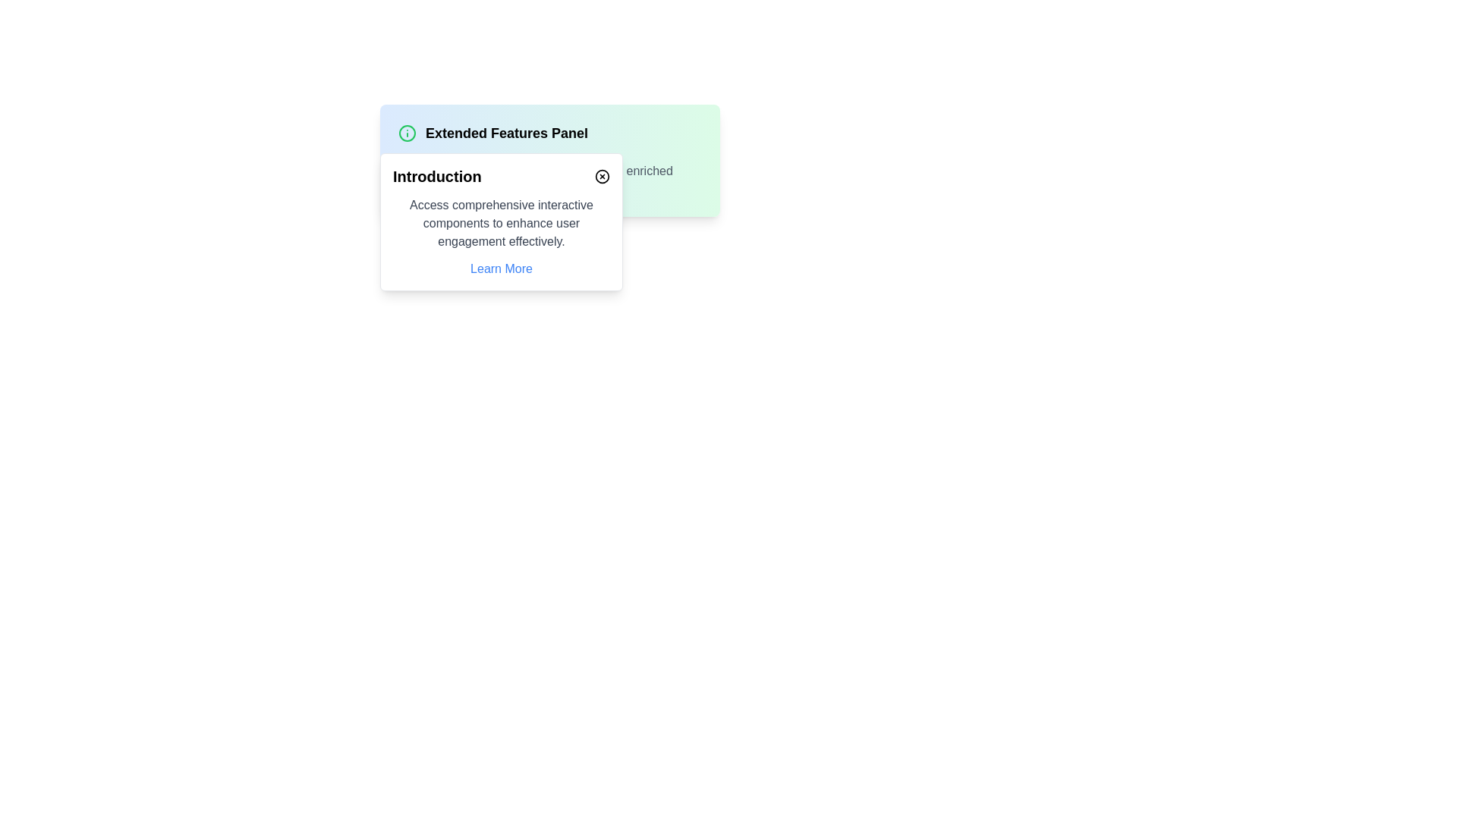 Image resolution: width=1457 pixels, height=819 pixels. I want to click on the circle icon with a bold black boundary and a white fill located in the top-right corner of the contextual informational card, so click(601, 175).